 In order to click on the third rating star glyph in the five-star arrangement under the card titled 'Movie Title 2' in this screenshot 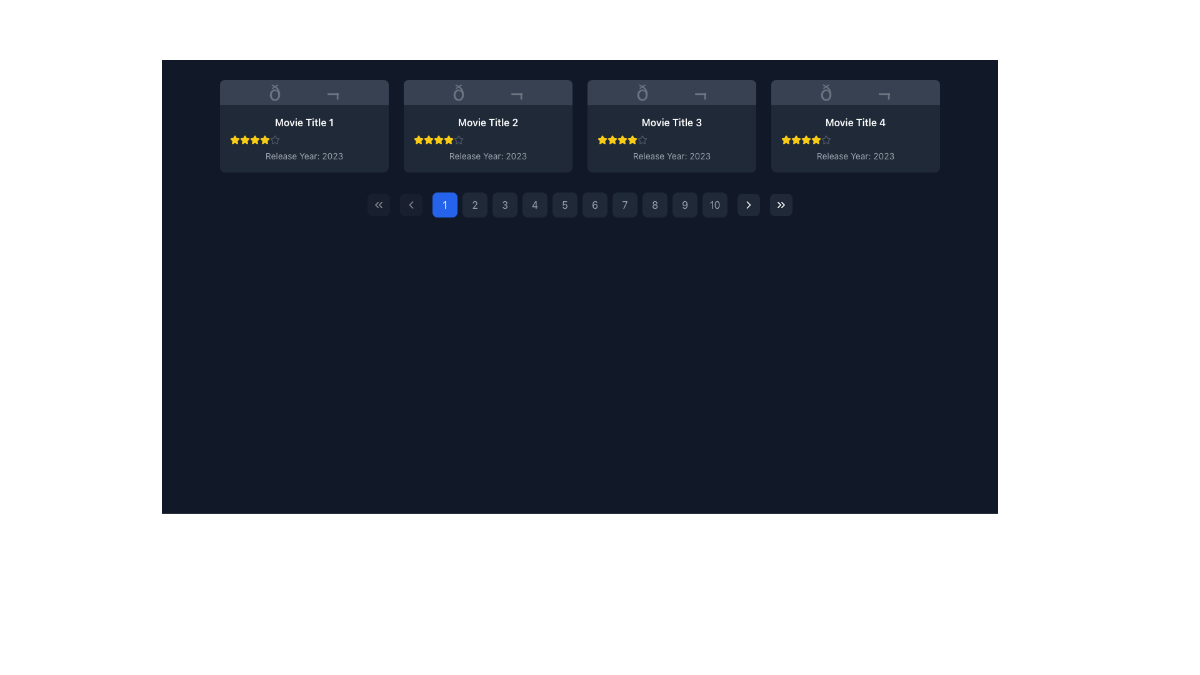, I will do `click(438, 139)`.